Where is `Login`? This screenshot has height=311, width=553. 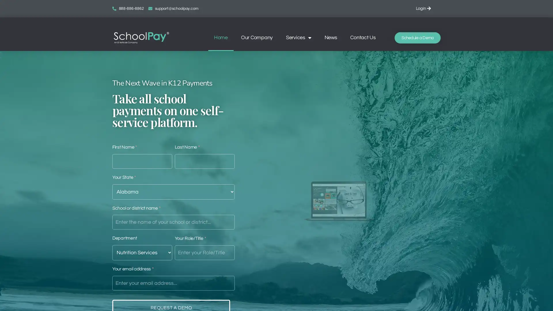
Login is located at coordinates (423, 9).